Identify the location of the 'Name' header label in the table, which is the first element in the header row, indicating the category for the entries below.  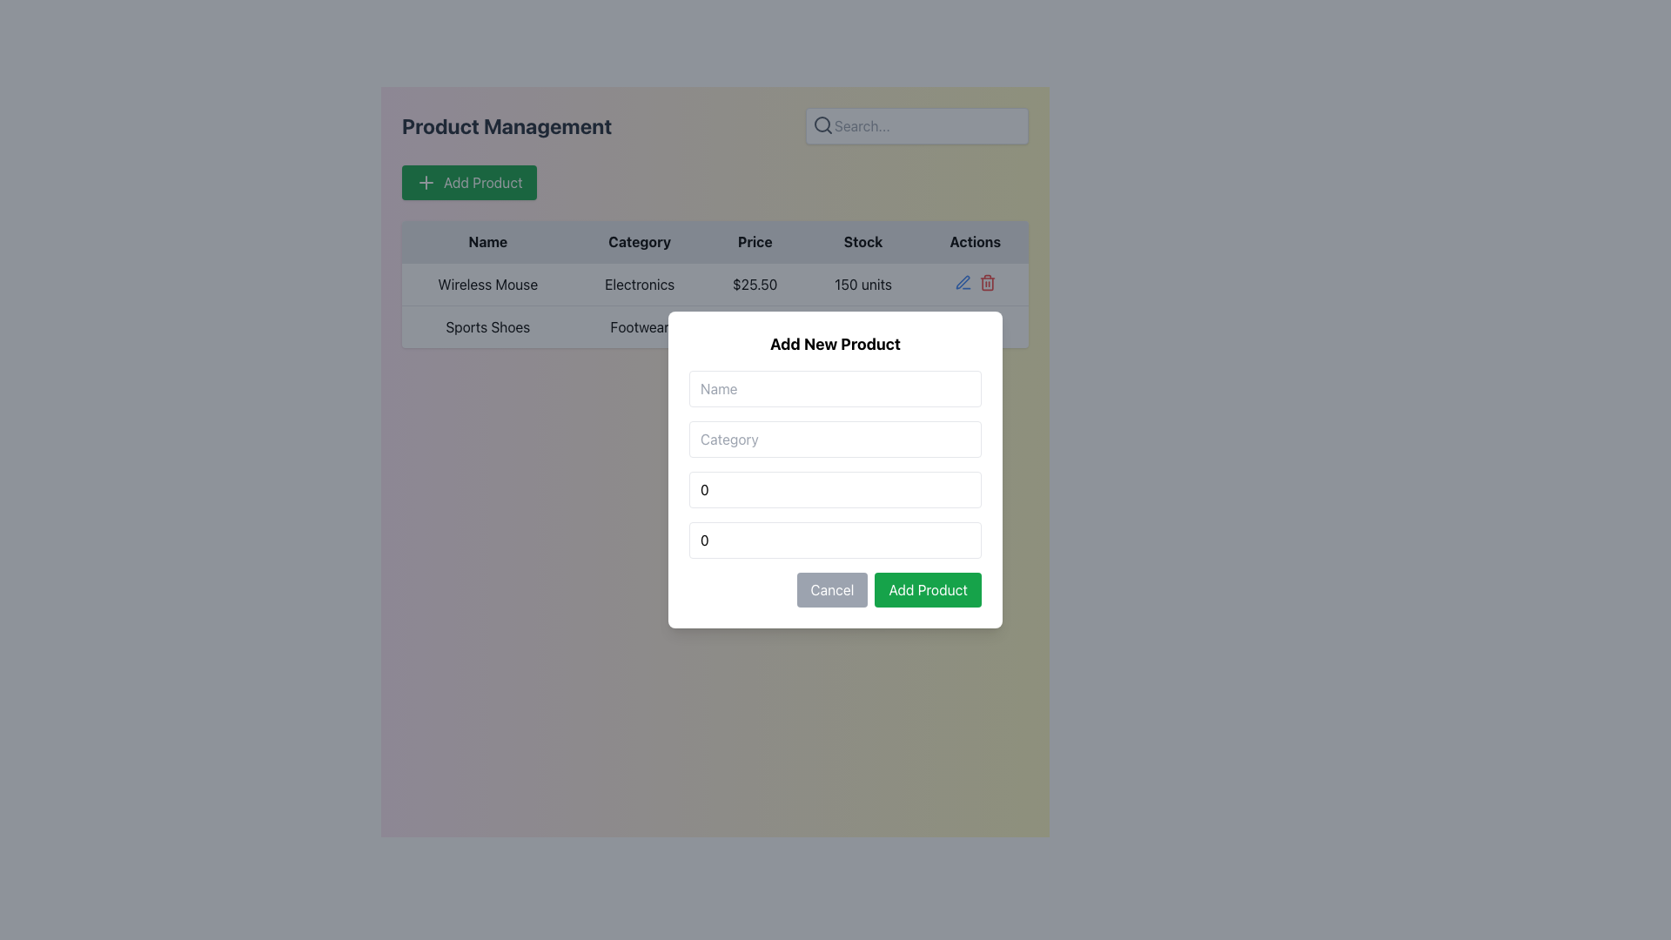
(487, 242).